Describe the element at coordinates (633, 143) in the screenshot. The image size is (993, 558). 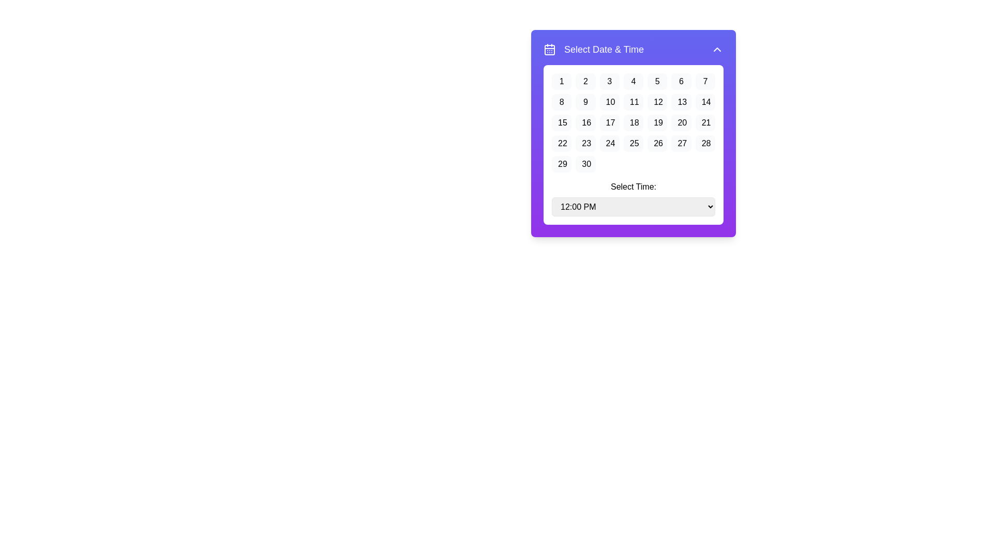
I see `the square button displaying '25' with rounded edges` at that location.